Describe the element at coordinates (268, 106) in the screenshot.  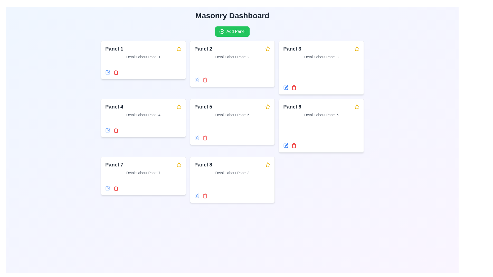
I see `the star icon located on the right side of the header of 'Panel 5'` at that location.